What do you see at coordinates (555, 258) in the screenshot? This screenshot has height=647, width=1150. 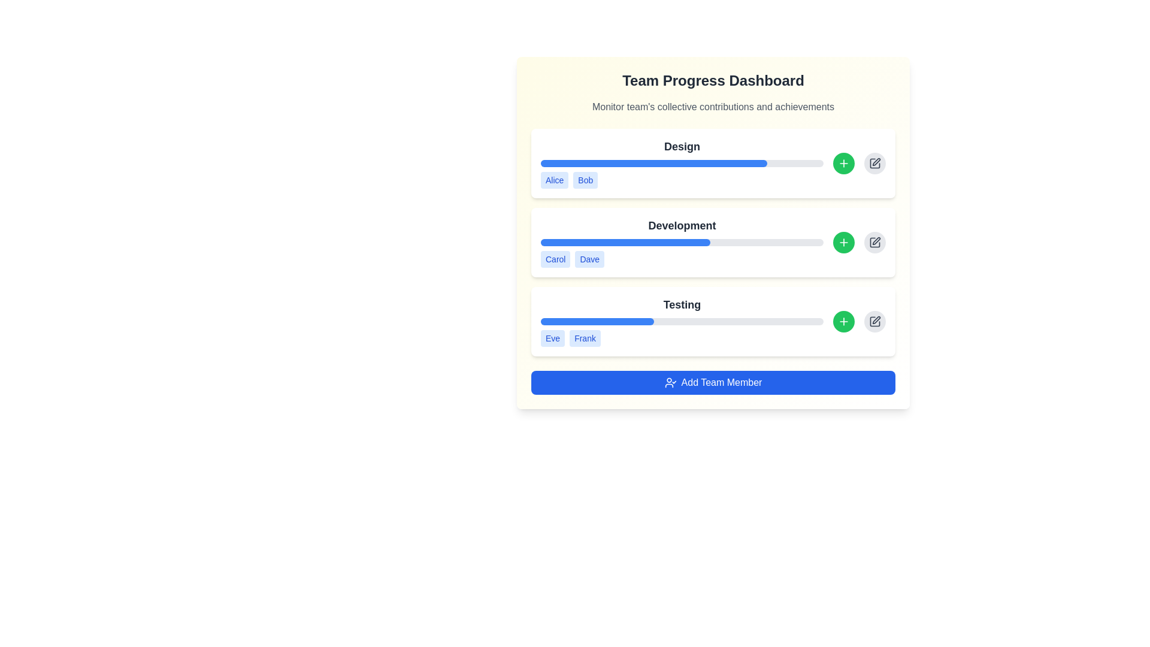 I see `the badge representing a team member in the 'Development' section, positioned to the left of the badge labeled 'Dave'` at bounding box center [555, 258].